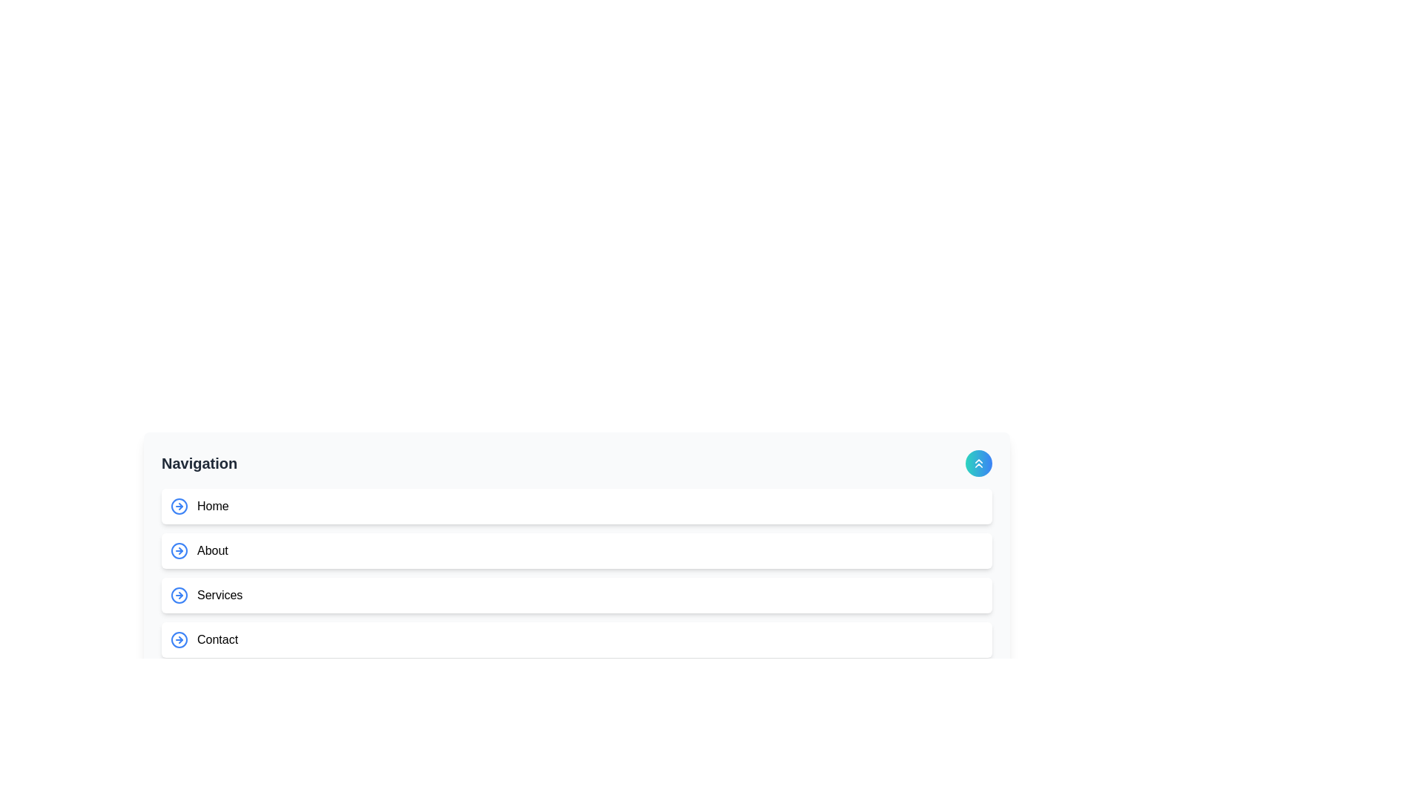 The height and width of the screenshot is (801, 1424). What do you see at coordinates (979, 462) in the screenshot?
I see `the upward-pointing chevron icon inside the circular blue gradient button` at bounding box center [979, 462].